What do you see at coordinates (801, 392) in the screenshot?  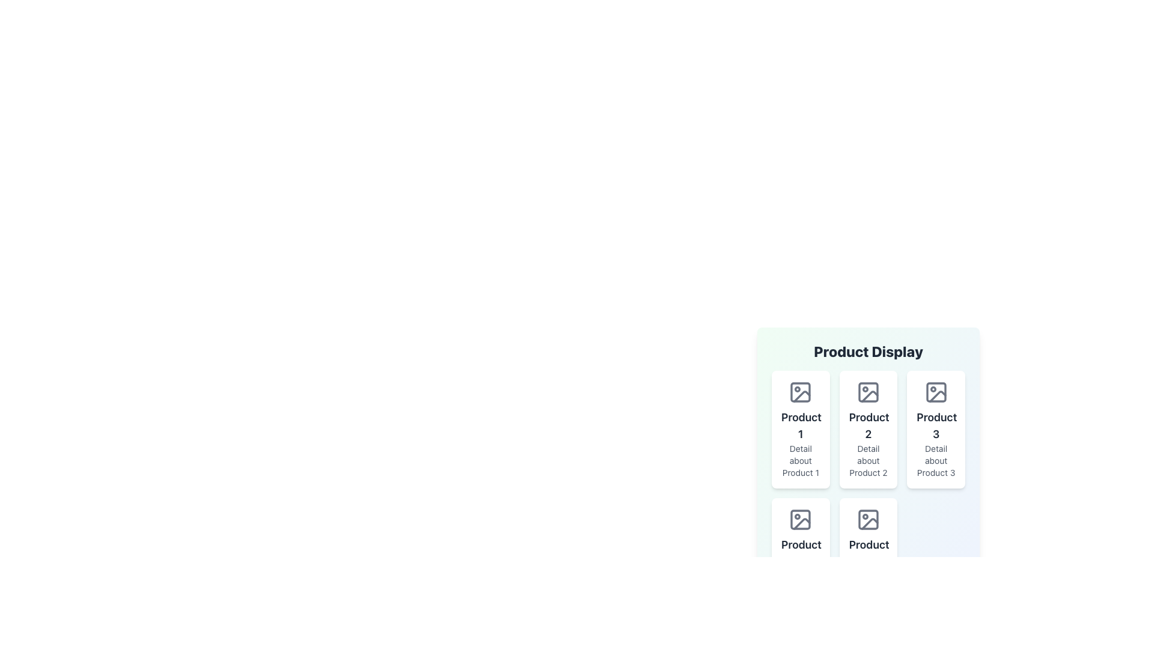 I see `the Image Placeholder Icon located at the top-left corner of the 'Product 1' tile, which is represented by a gray icon with an outlined rectangle and a simplified picture depiction` at bounding box center [801, 392].